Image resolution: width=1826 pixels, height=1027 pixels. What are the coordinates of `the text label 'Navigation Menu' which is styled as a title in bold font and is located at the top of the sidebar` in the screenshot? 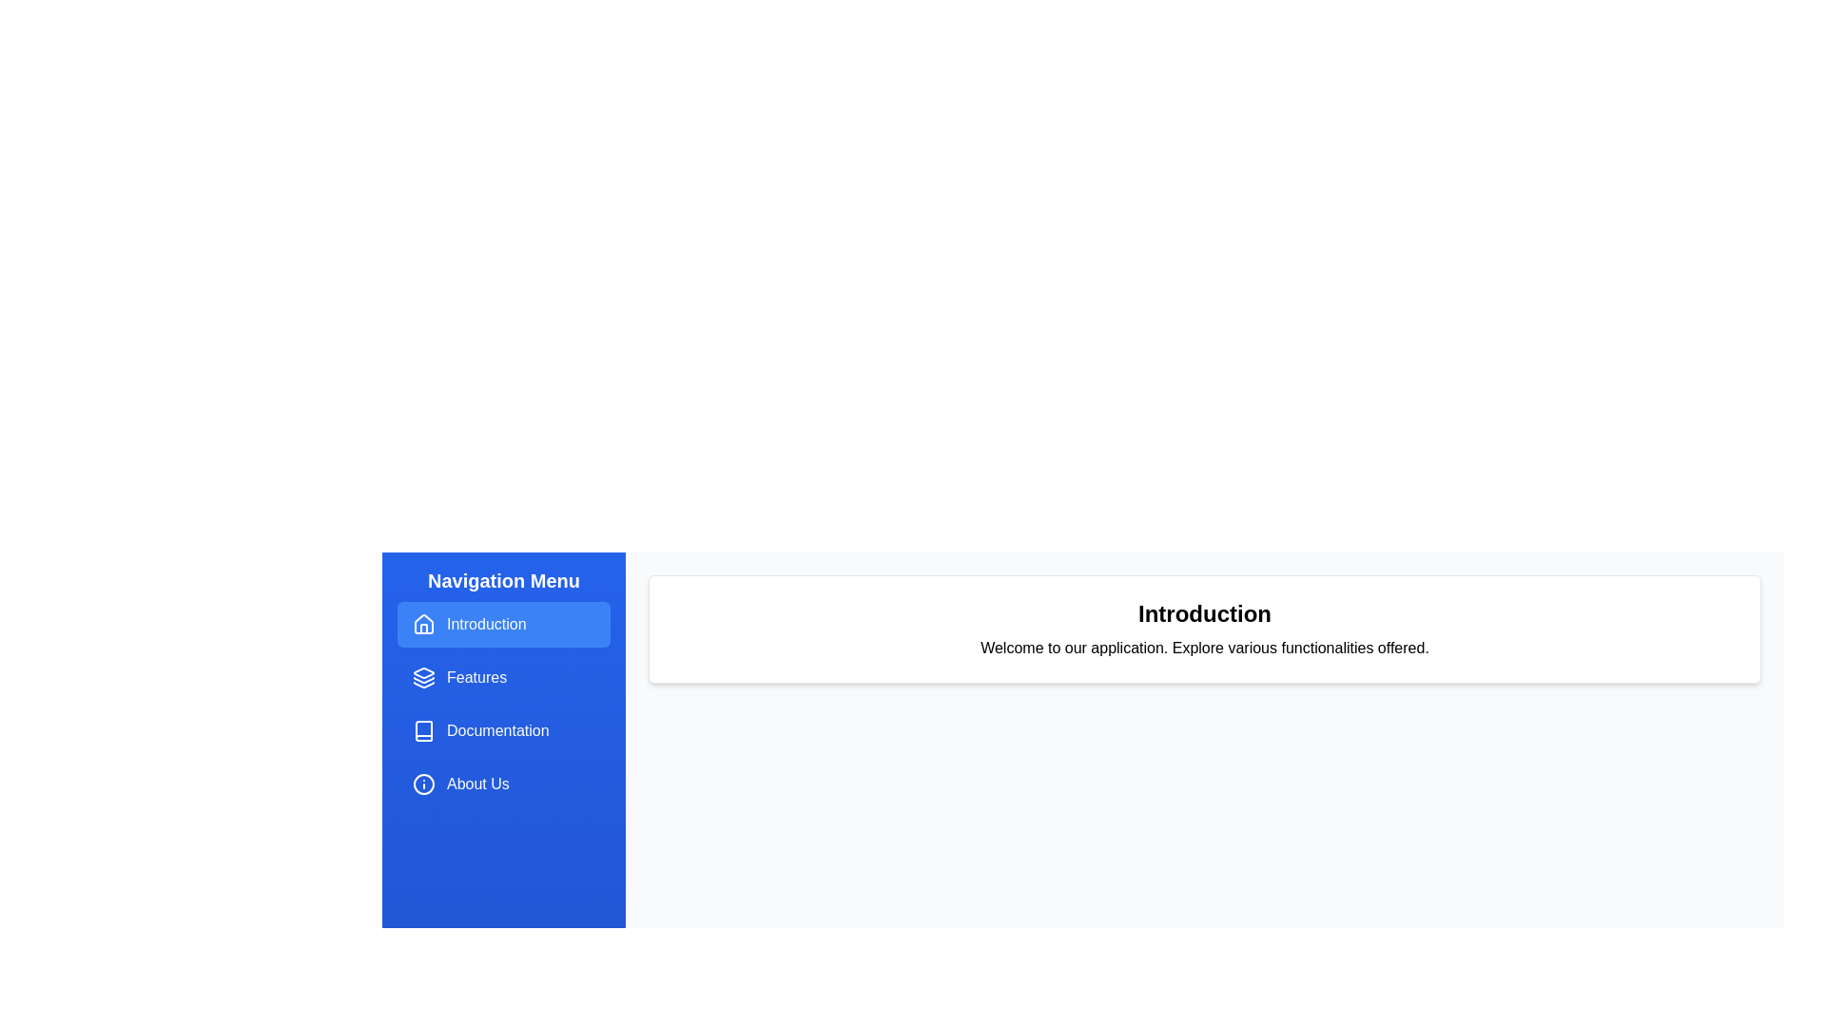 It's located at (503, 579).